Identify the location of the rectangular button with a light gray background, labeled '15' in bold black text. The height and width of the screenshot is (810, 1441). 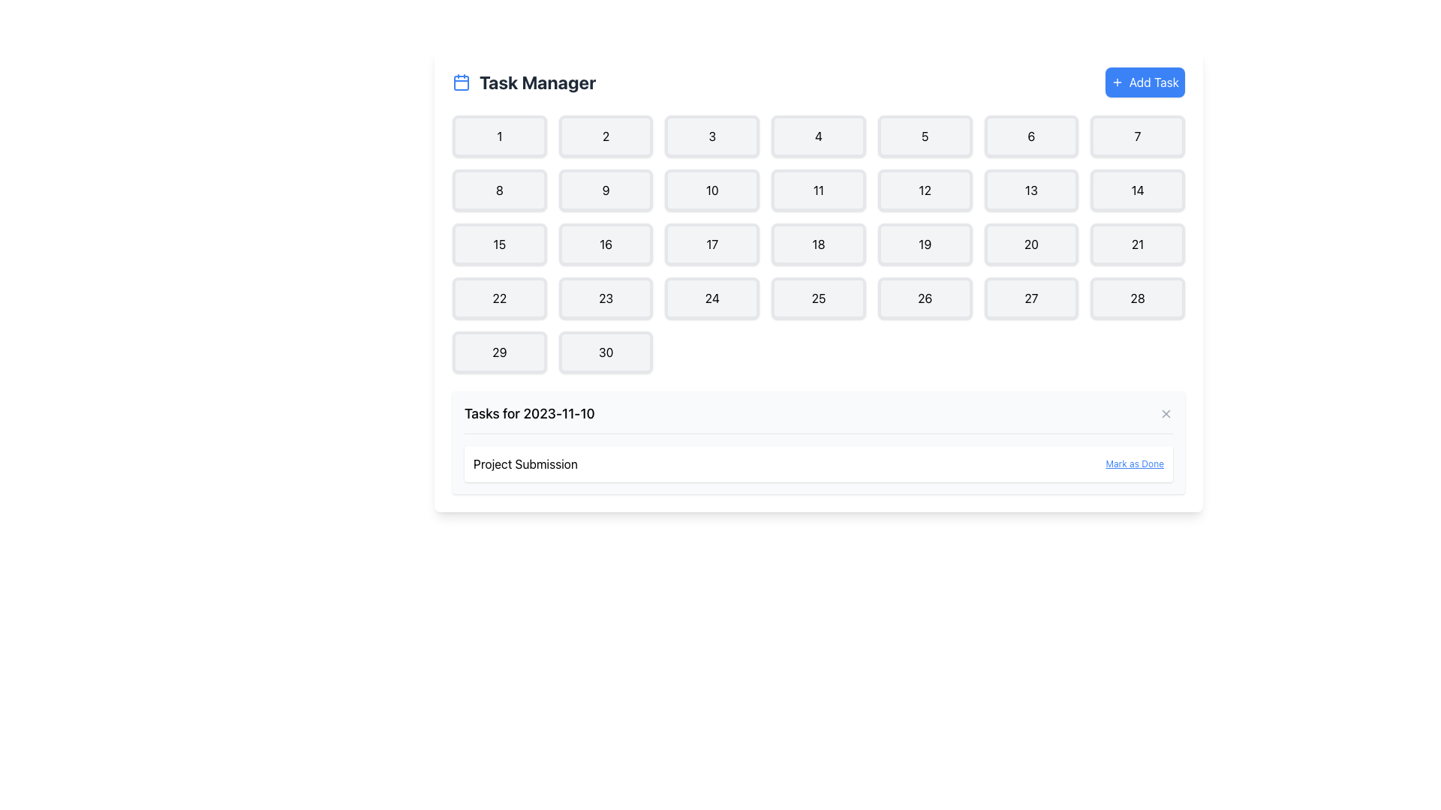
(499, 244).